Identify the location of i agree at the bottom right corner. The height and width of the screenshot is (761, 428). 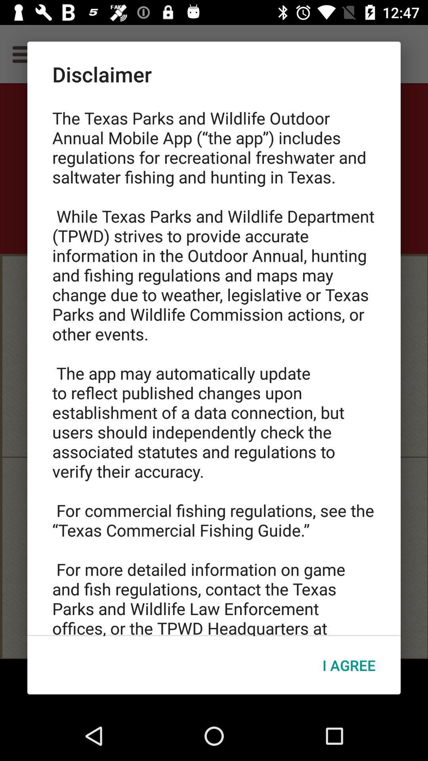
(348, 665).